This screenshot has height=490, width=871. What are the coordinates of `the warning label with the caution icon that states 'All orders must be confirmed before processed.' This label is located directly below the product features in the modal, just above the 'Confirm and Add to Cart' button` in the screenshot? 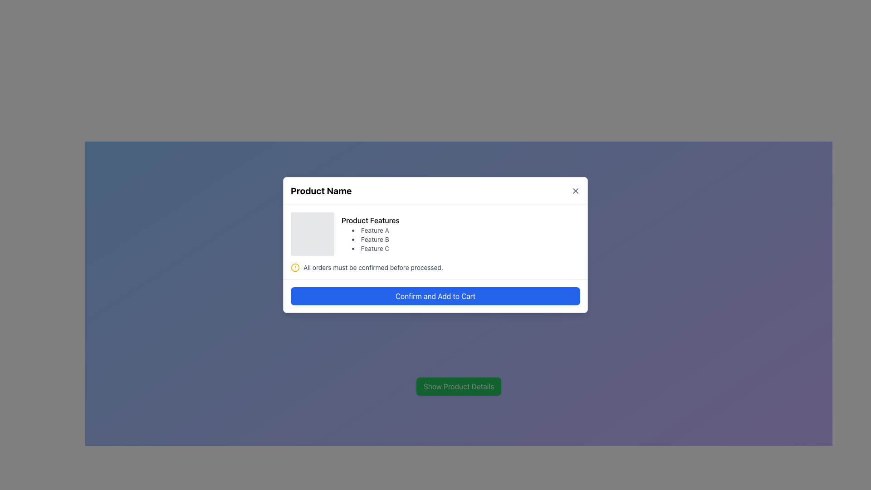 It's located at (435, 267).